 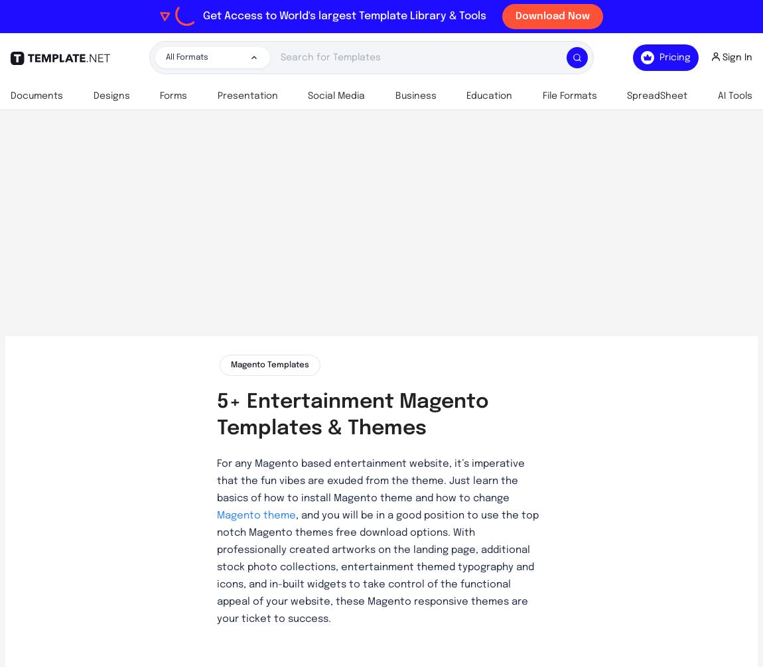 What do you see at coordinates (36, 95) in the screenshot?
I see `'Documents'` at bounding box center [36, 95].